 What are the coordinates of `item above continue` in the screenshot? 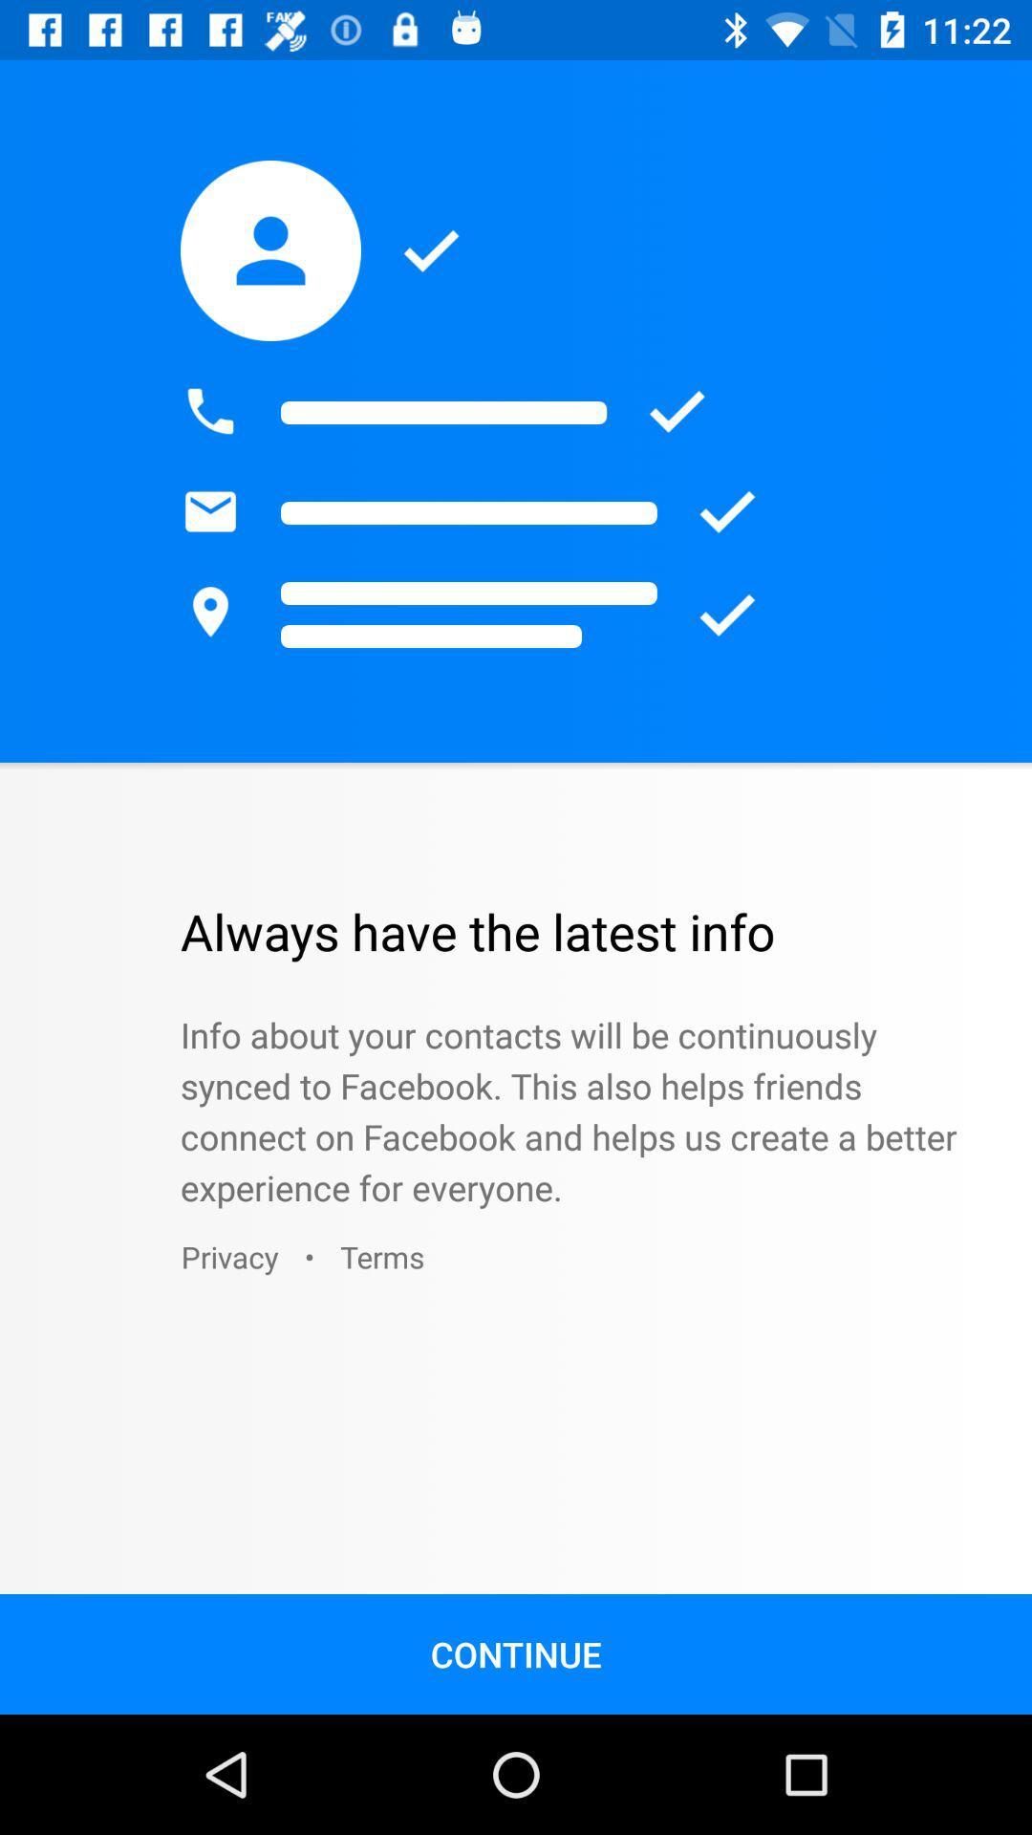 It's located at (382, 1257).